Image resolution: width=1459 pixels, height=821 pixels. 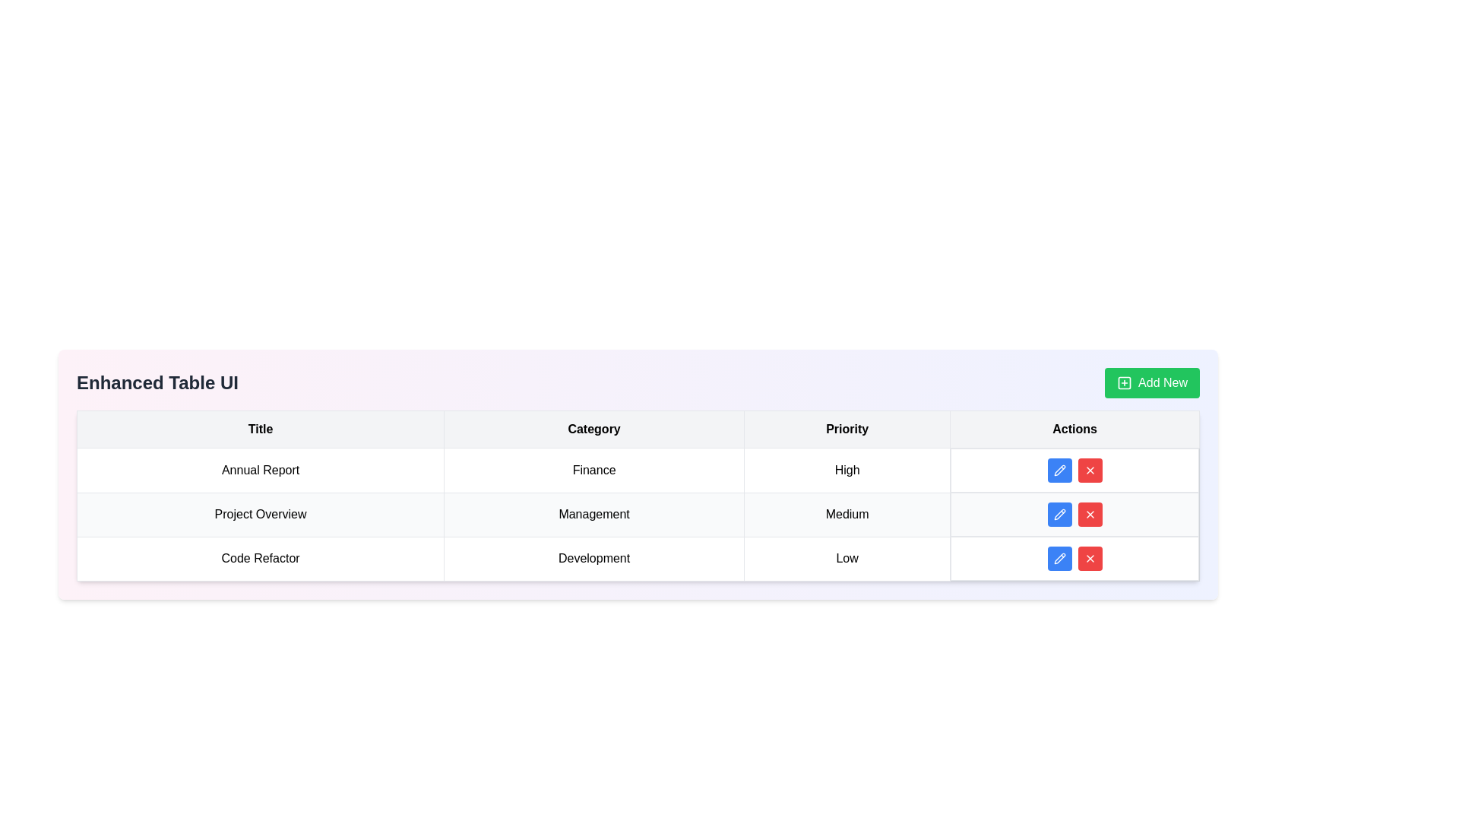 I want to click on the small square with rounded corners that serves as the background for the 'Add New' icon located in the top-right corner of the UI, so click(x=1125, y=382).